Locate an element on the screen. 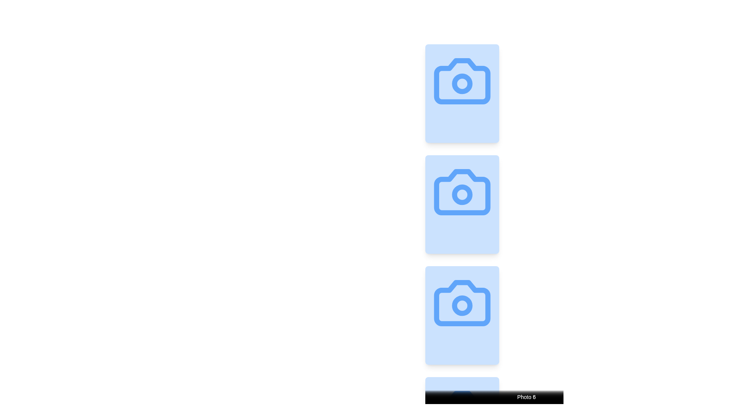 The image size is (739, 416). the small light blue circular icon located at the center of the camera illustration, which is the second in a vertical sequence of three camera icons is located at coordinates (462, 194).